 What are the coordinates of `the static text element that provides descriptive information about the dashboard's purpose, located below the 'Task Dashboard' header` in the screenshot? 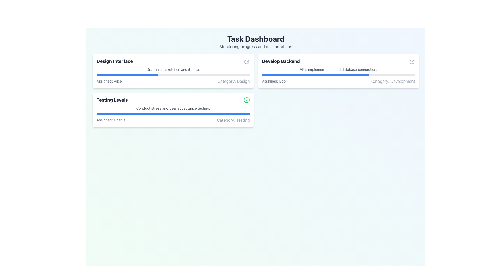 It's located at (256, 46).